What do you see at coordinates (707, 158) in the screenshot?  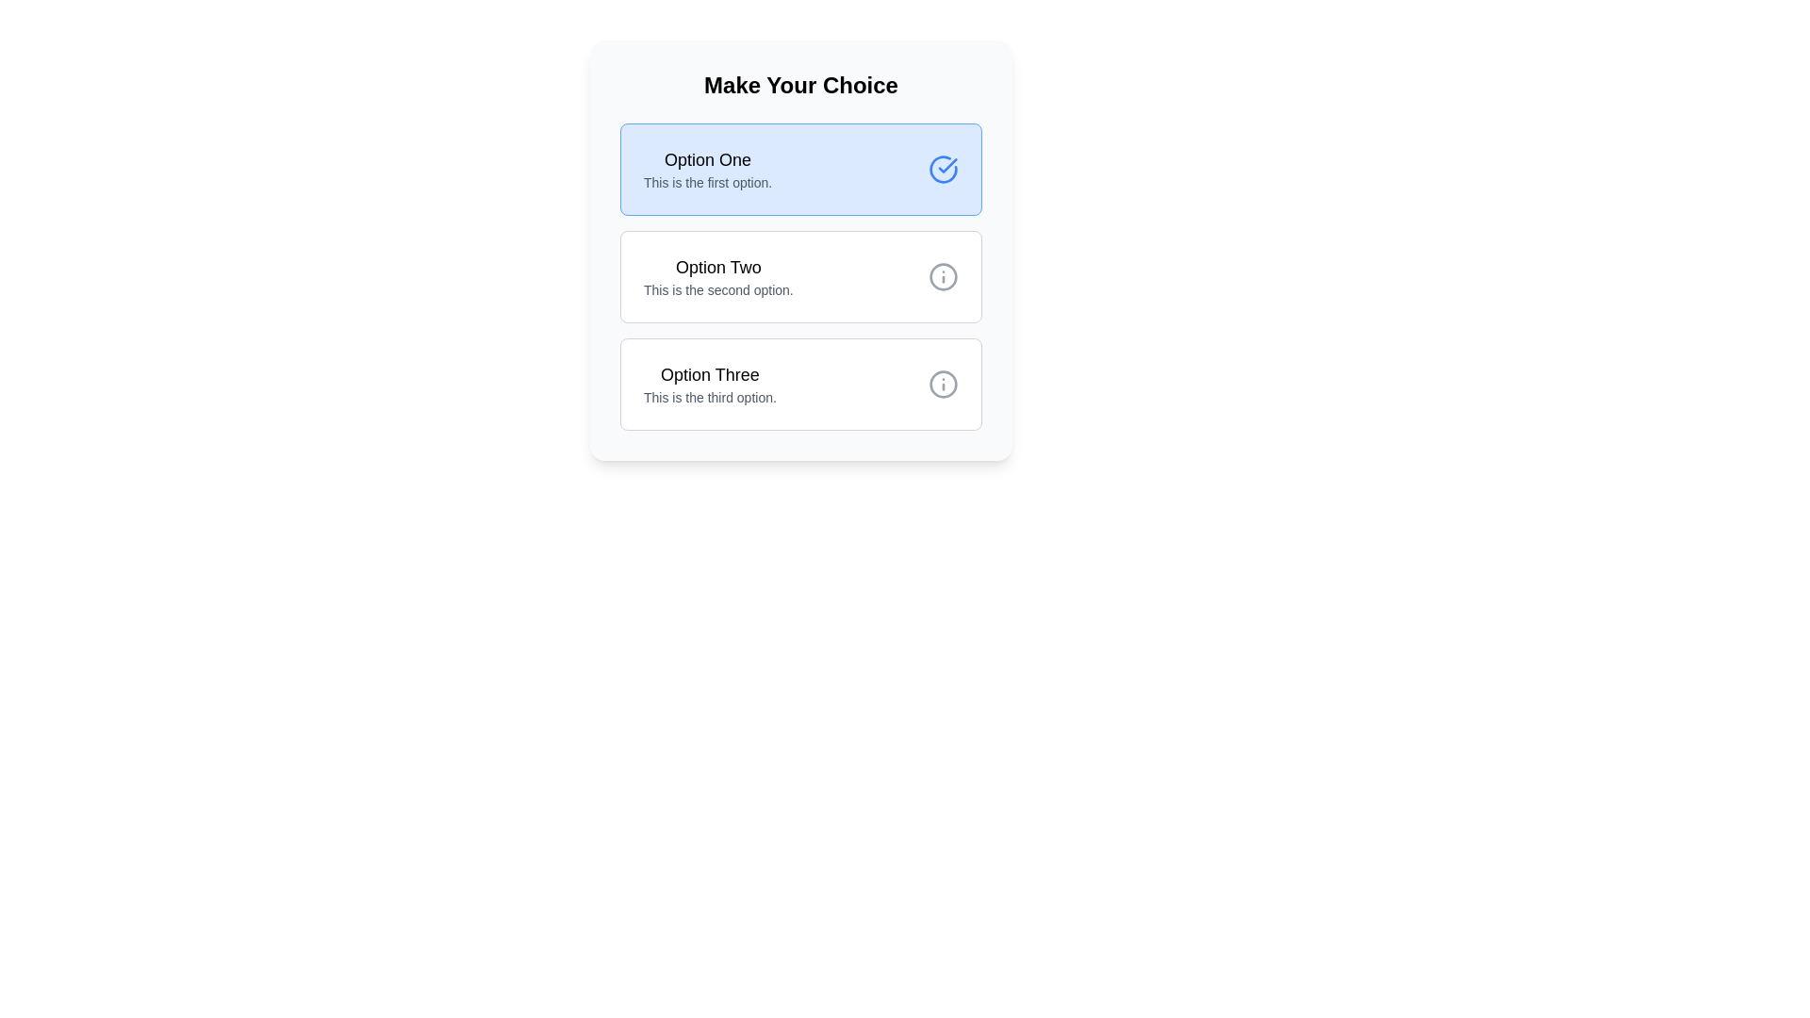 I see `the Text Label that serves as the title for the first option in the selection interface, which is located in the topmost card and is horizontally centered above a smaller text description` at bounding box center [707, 158].